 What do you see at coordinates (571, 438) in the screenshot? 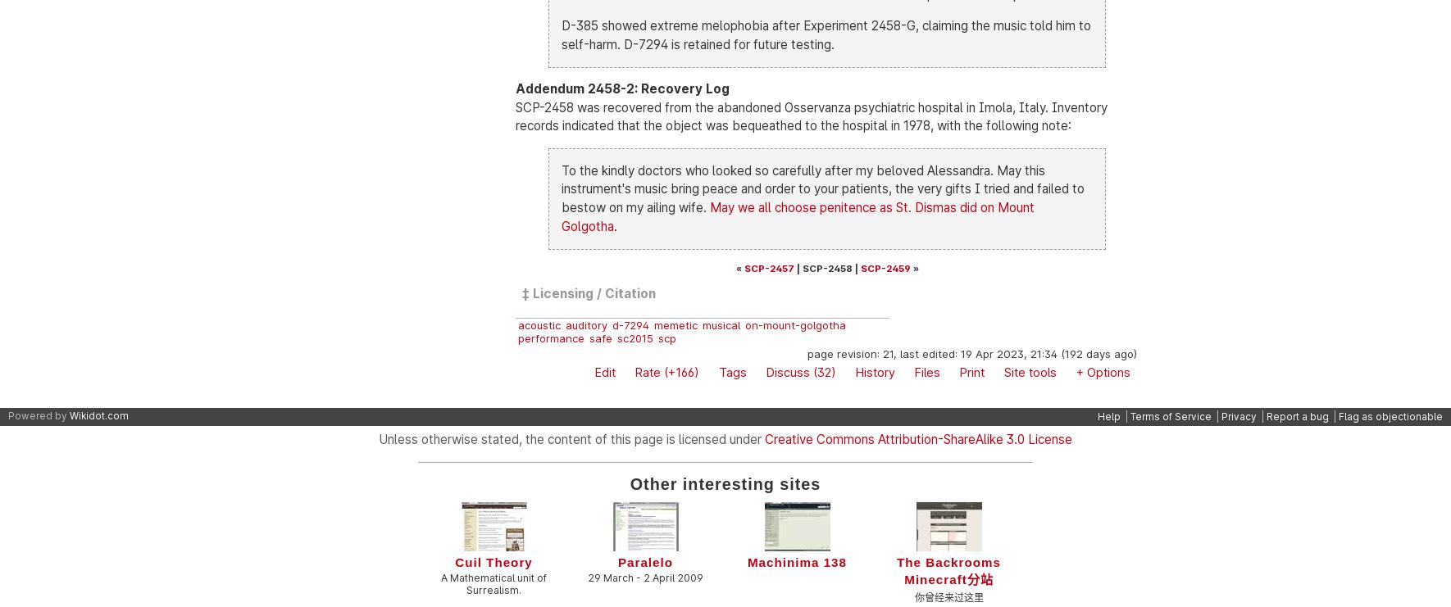
I see `'Unless otherwise stated, the content of this page is licensed under'` at bounding box center [571, 438].